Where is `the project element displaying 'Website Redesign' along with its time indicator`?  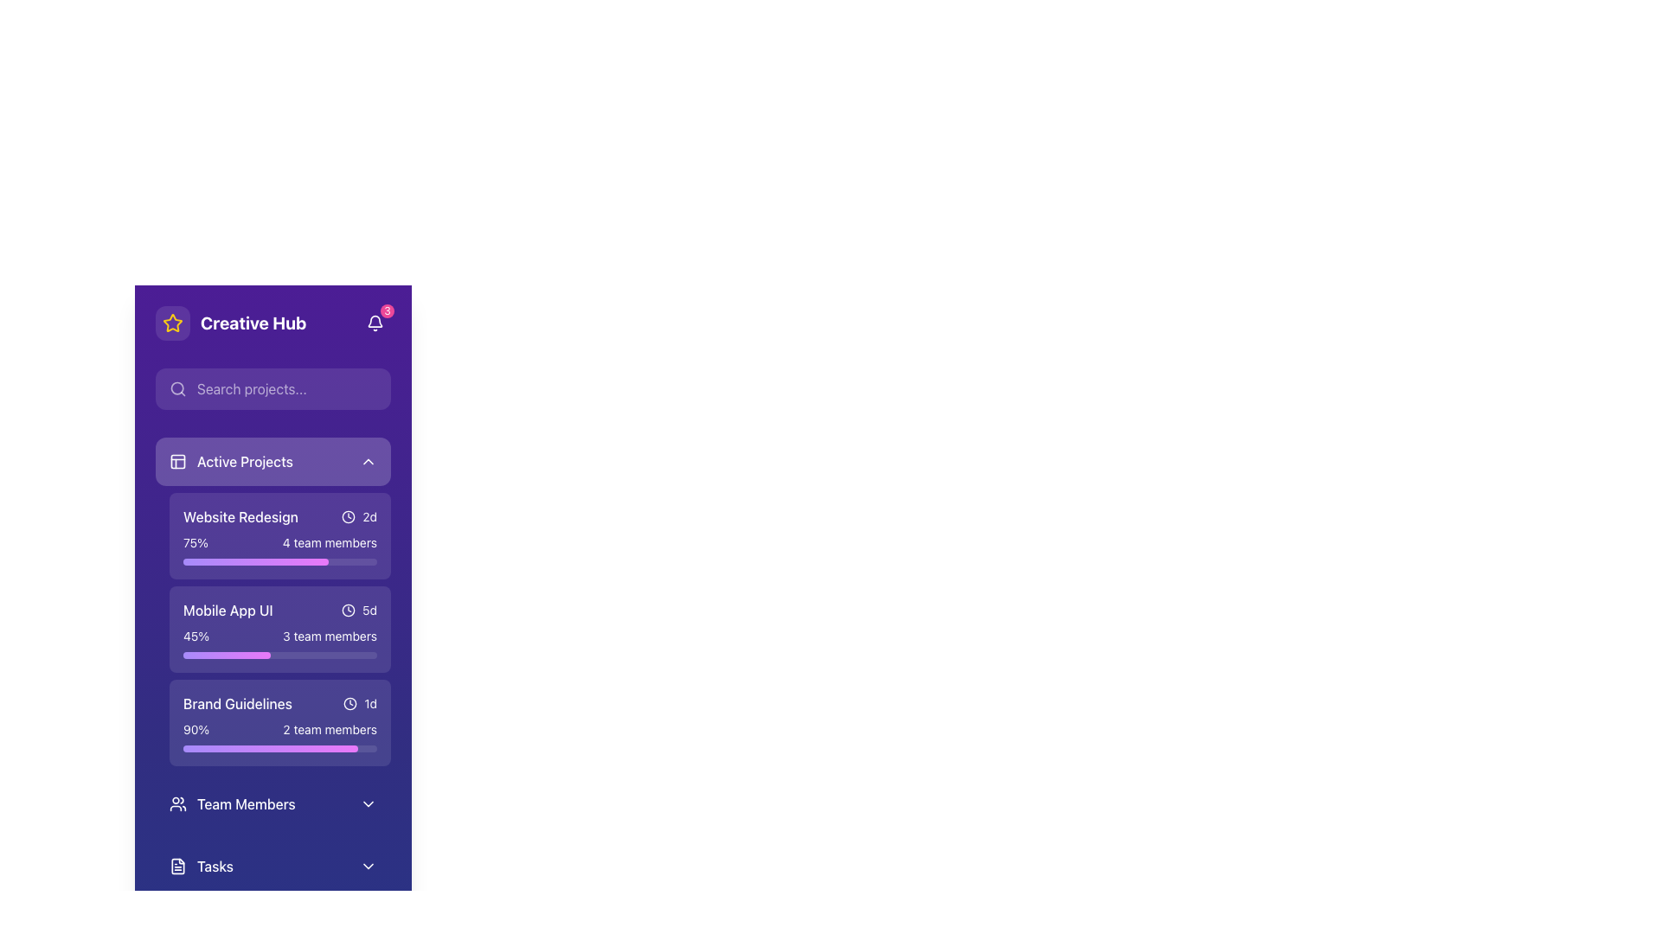 the project element displaying 'Website Redesign' along with its time indicator is located at coordinates (280, 515).